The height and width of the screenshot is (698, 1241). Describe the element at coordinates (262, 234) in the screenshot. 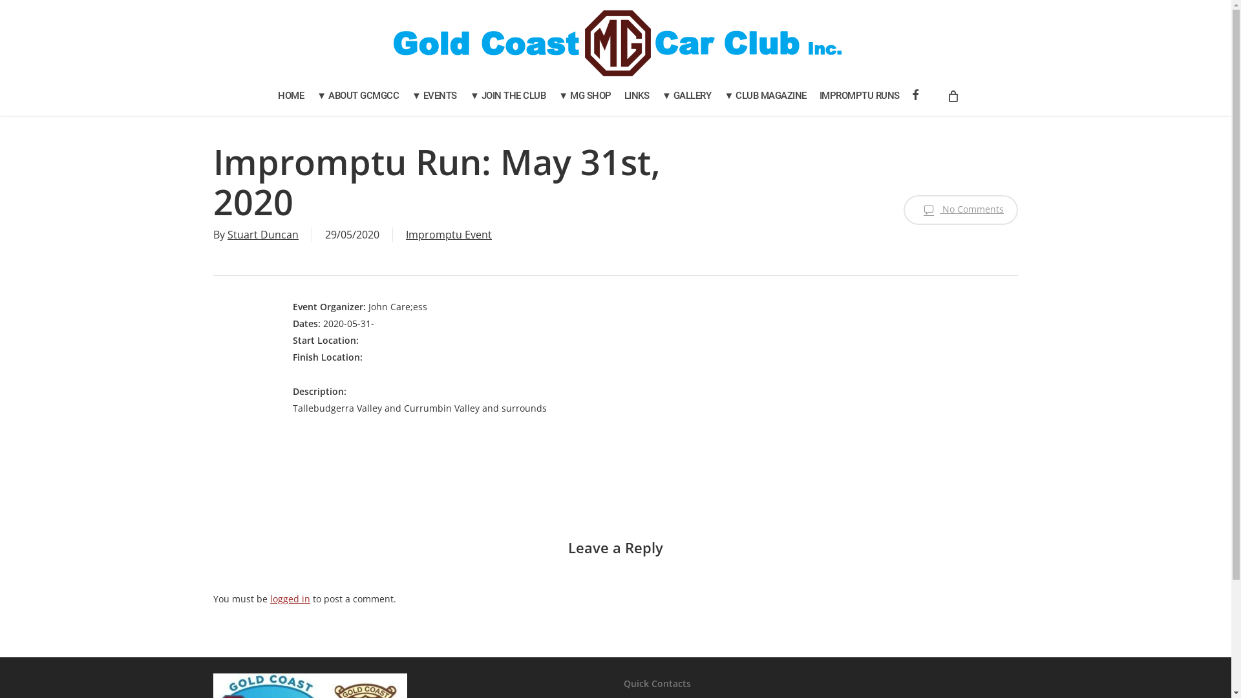

I see `'Stuart Duncan'` at that location.